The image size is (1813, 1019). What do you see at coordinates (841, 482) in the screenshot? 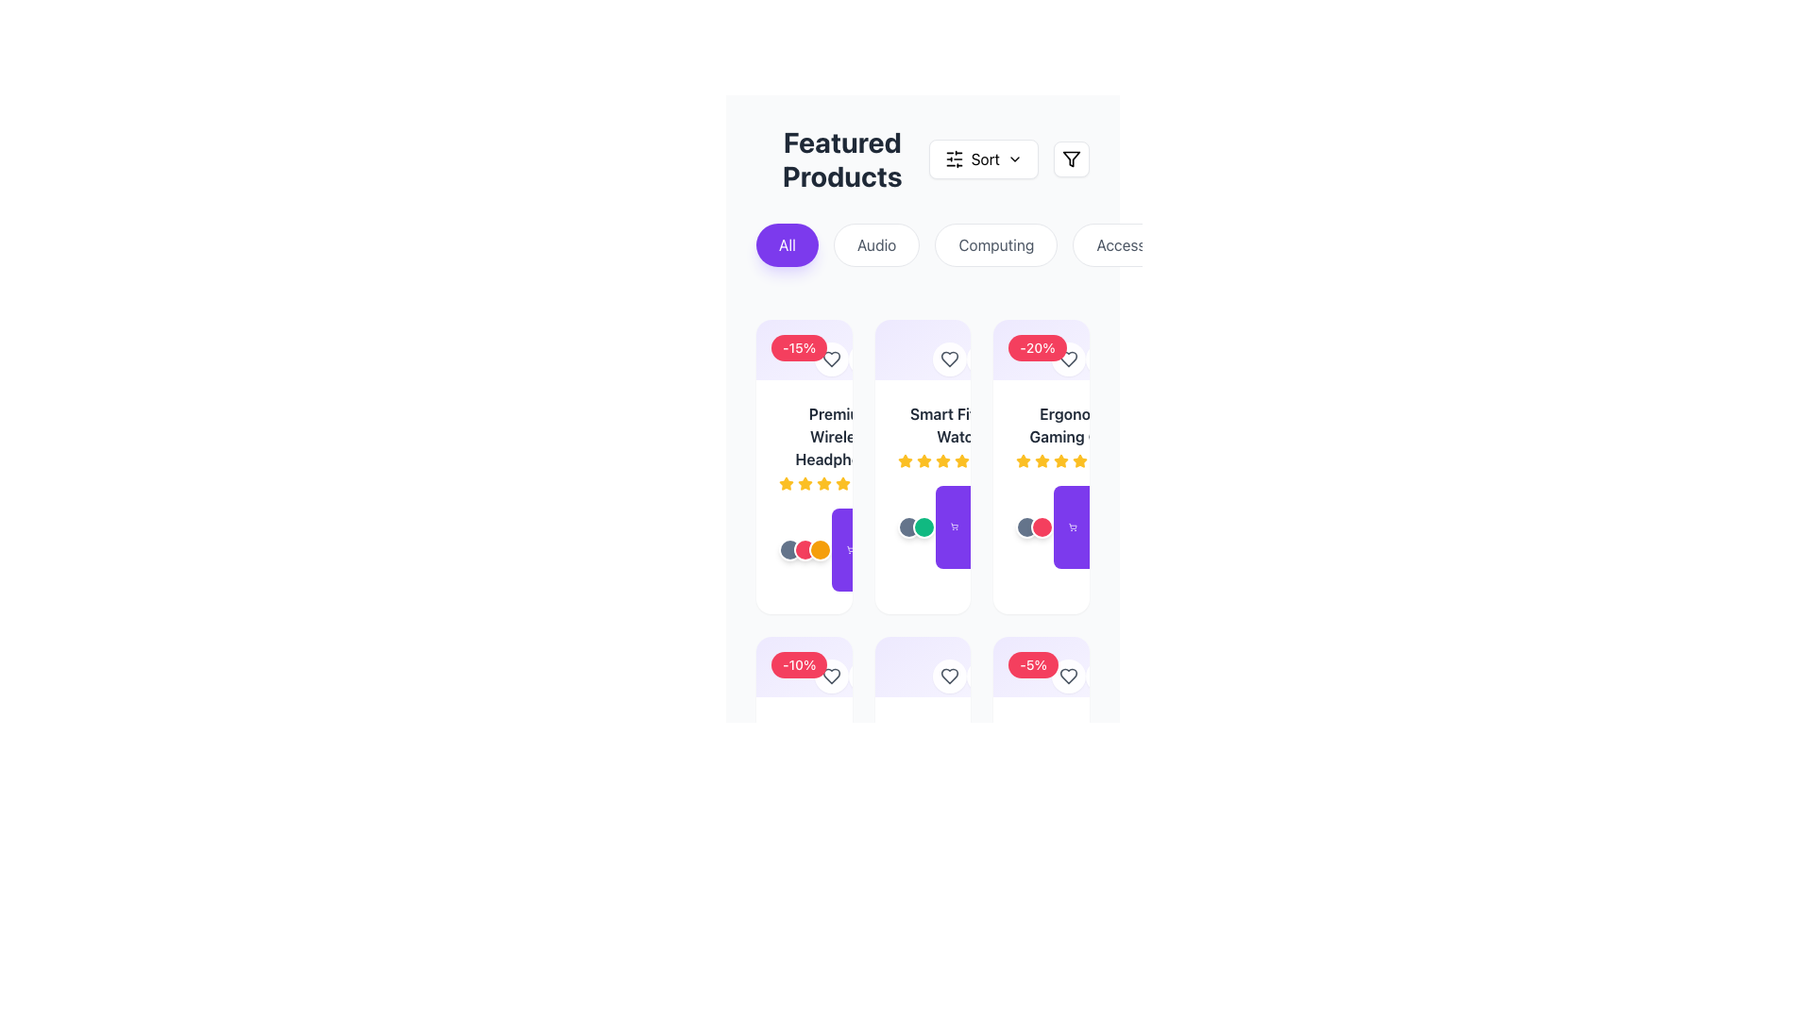
I see `the solid yellow star icon with a black outline, which is part of the rating system for the second product in the first row of the product grid` at bounding box center [841, 482].